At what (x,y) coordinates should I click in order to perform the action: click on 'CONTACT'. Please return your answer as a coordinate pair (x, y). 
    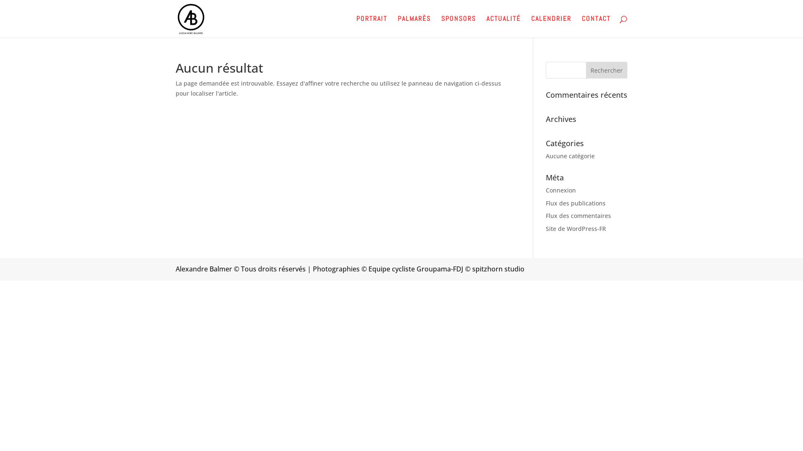
    Looking at the image, I should click on (596, 26).